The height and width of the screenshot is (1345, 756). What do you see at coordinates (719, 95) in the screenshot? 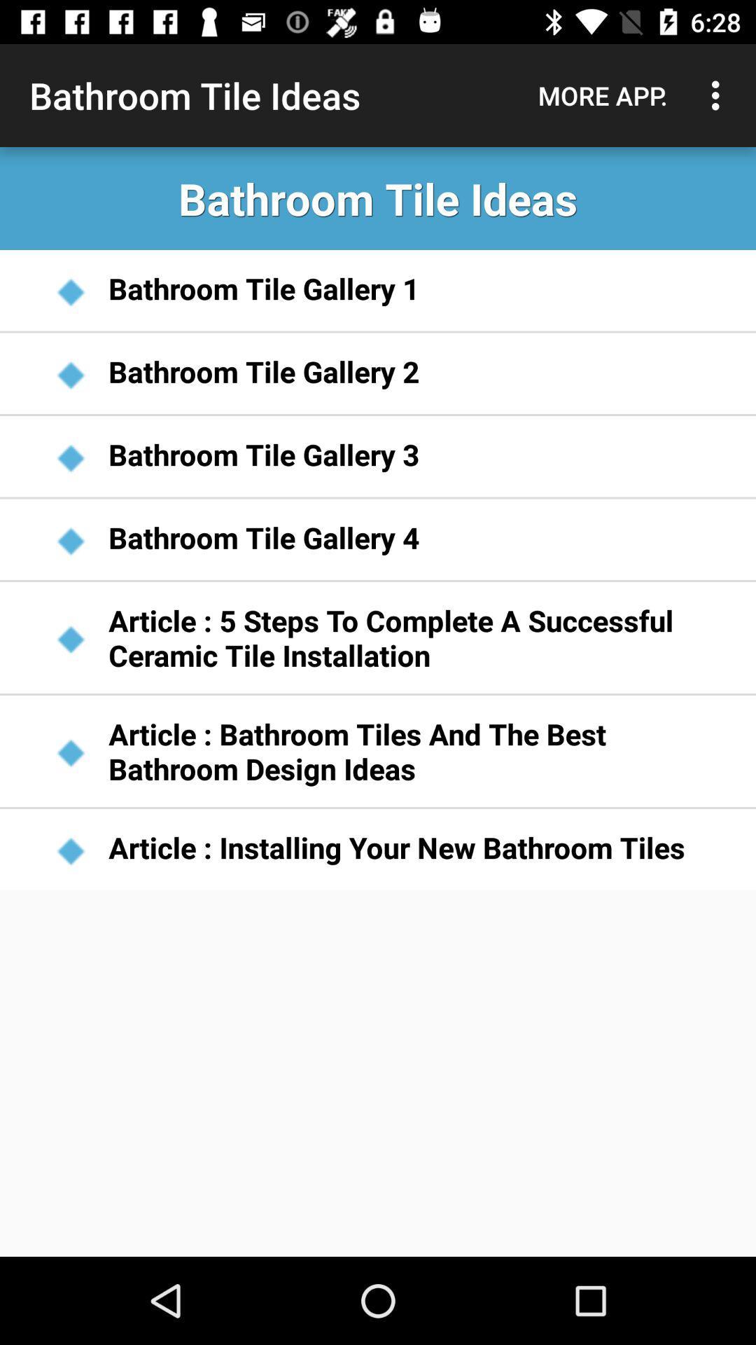
I see `icon above bathroom tile ideas app` at bounding box center [719, 95].